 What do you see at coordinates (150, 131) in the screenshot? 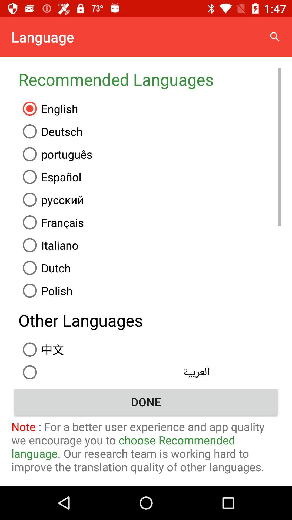
I see `item below the english` at bounding box center [150, 131].